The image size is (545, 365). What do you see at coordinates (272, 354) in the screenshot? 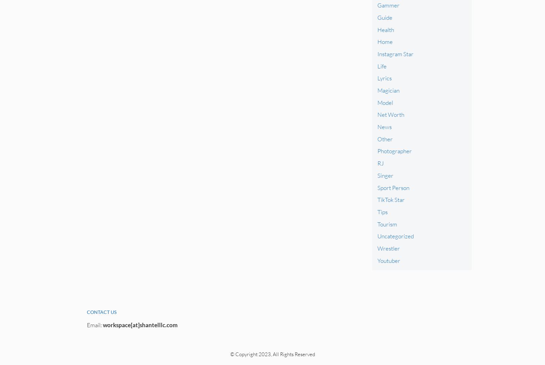
I see `'© Copyright 2023, All Rights Reserved'` at bounding box center [272, 354].